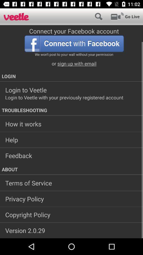 The width and height of the screenshot is (143, 255). I want to click on go live, so click(125, 16).